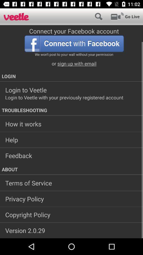 The width and height of the screenshot is (143, 255). I want to click on go live, so click(125, 16).